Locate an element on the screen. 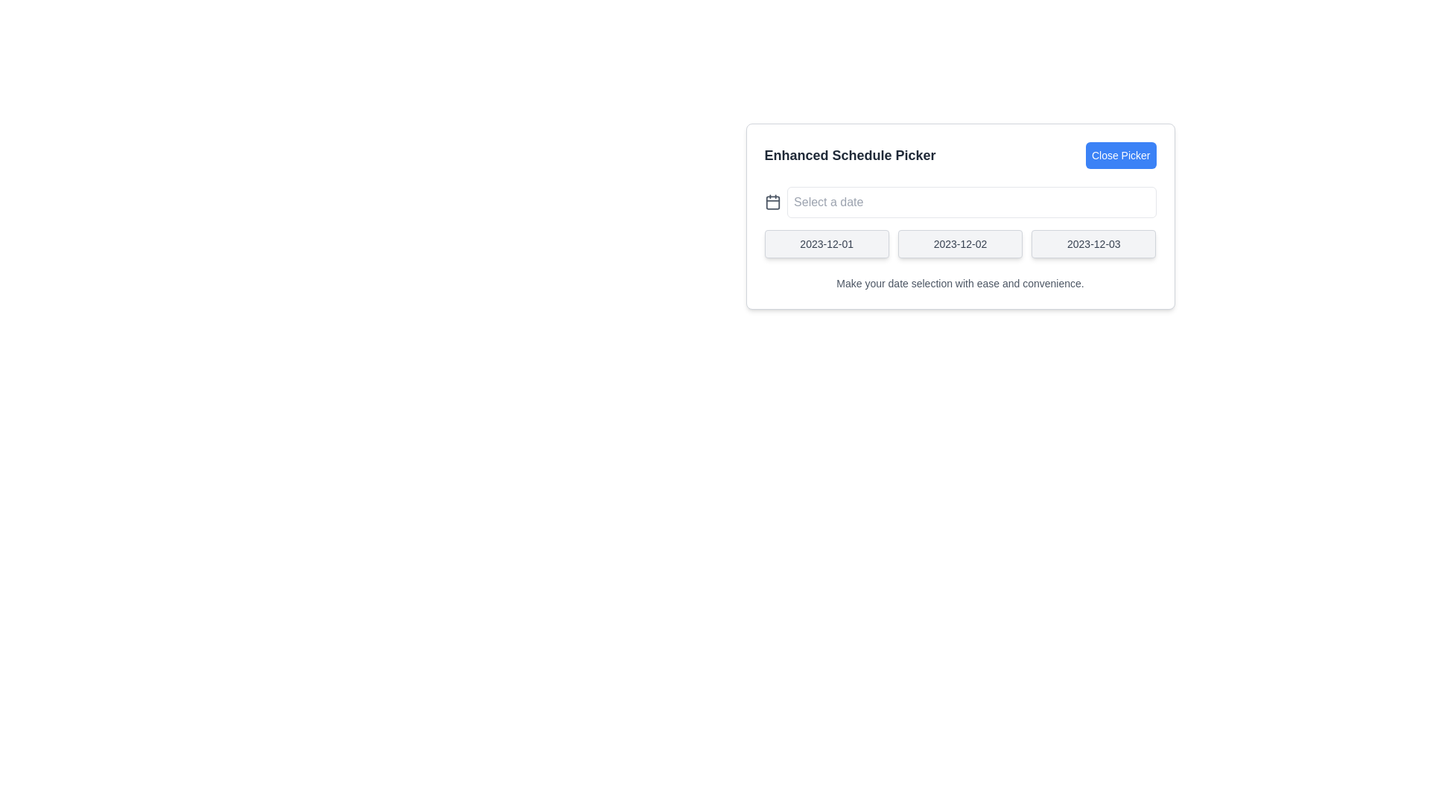 The width and height of the screenshot is (1430, 804). the date selection button labeled '2023-12-03' is located at coordinates (1093, 243).